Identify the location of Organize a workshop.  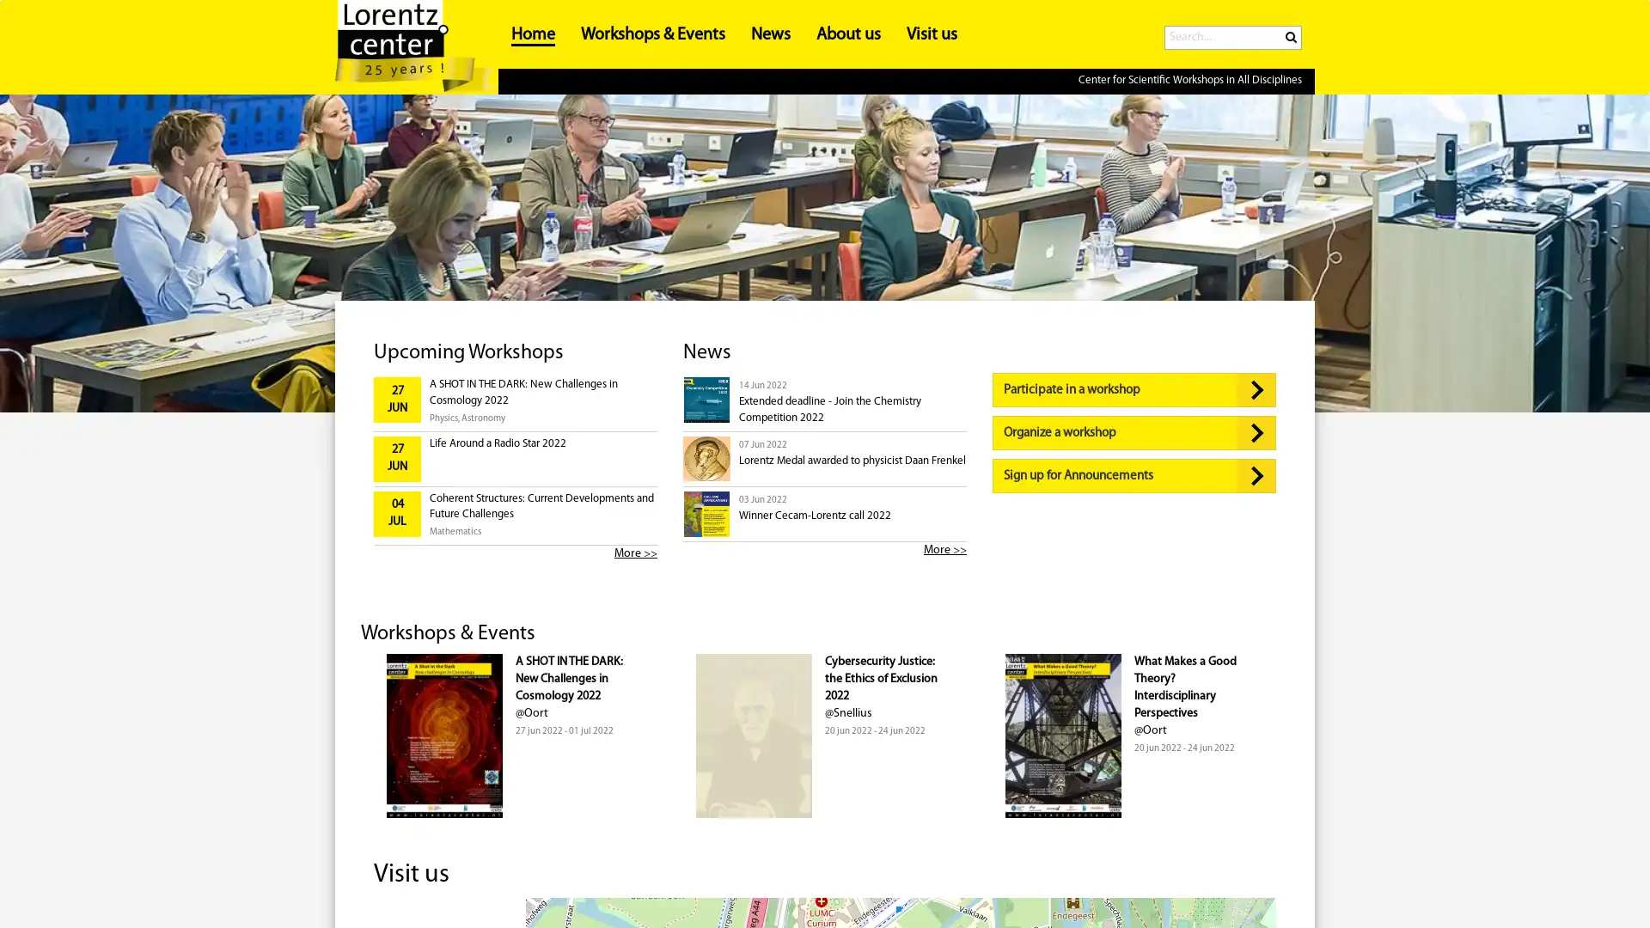
(1134, 432).